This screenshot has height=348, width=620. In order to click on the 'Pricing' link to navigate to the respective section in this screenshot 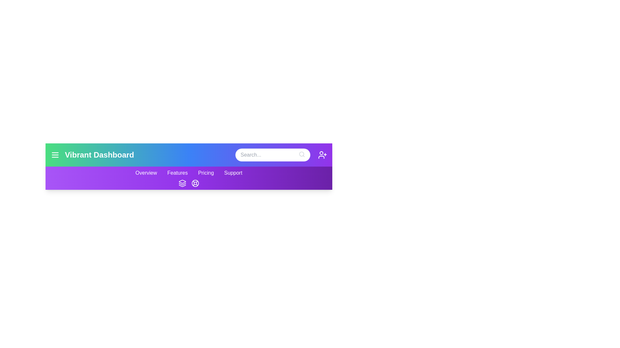, I will do `click(205, 172)`.